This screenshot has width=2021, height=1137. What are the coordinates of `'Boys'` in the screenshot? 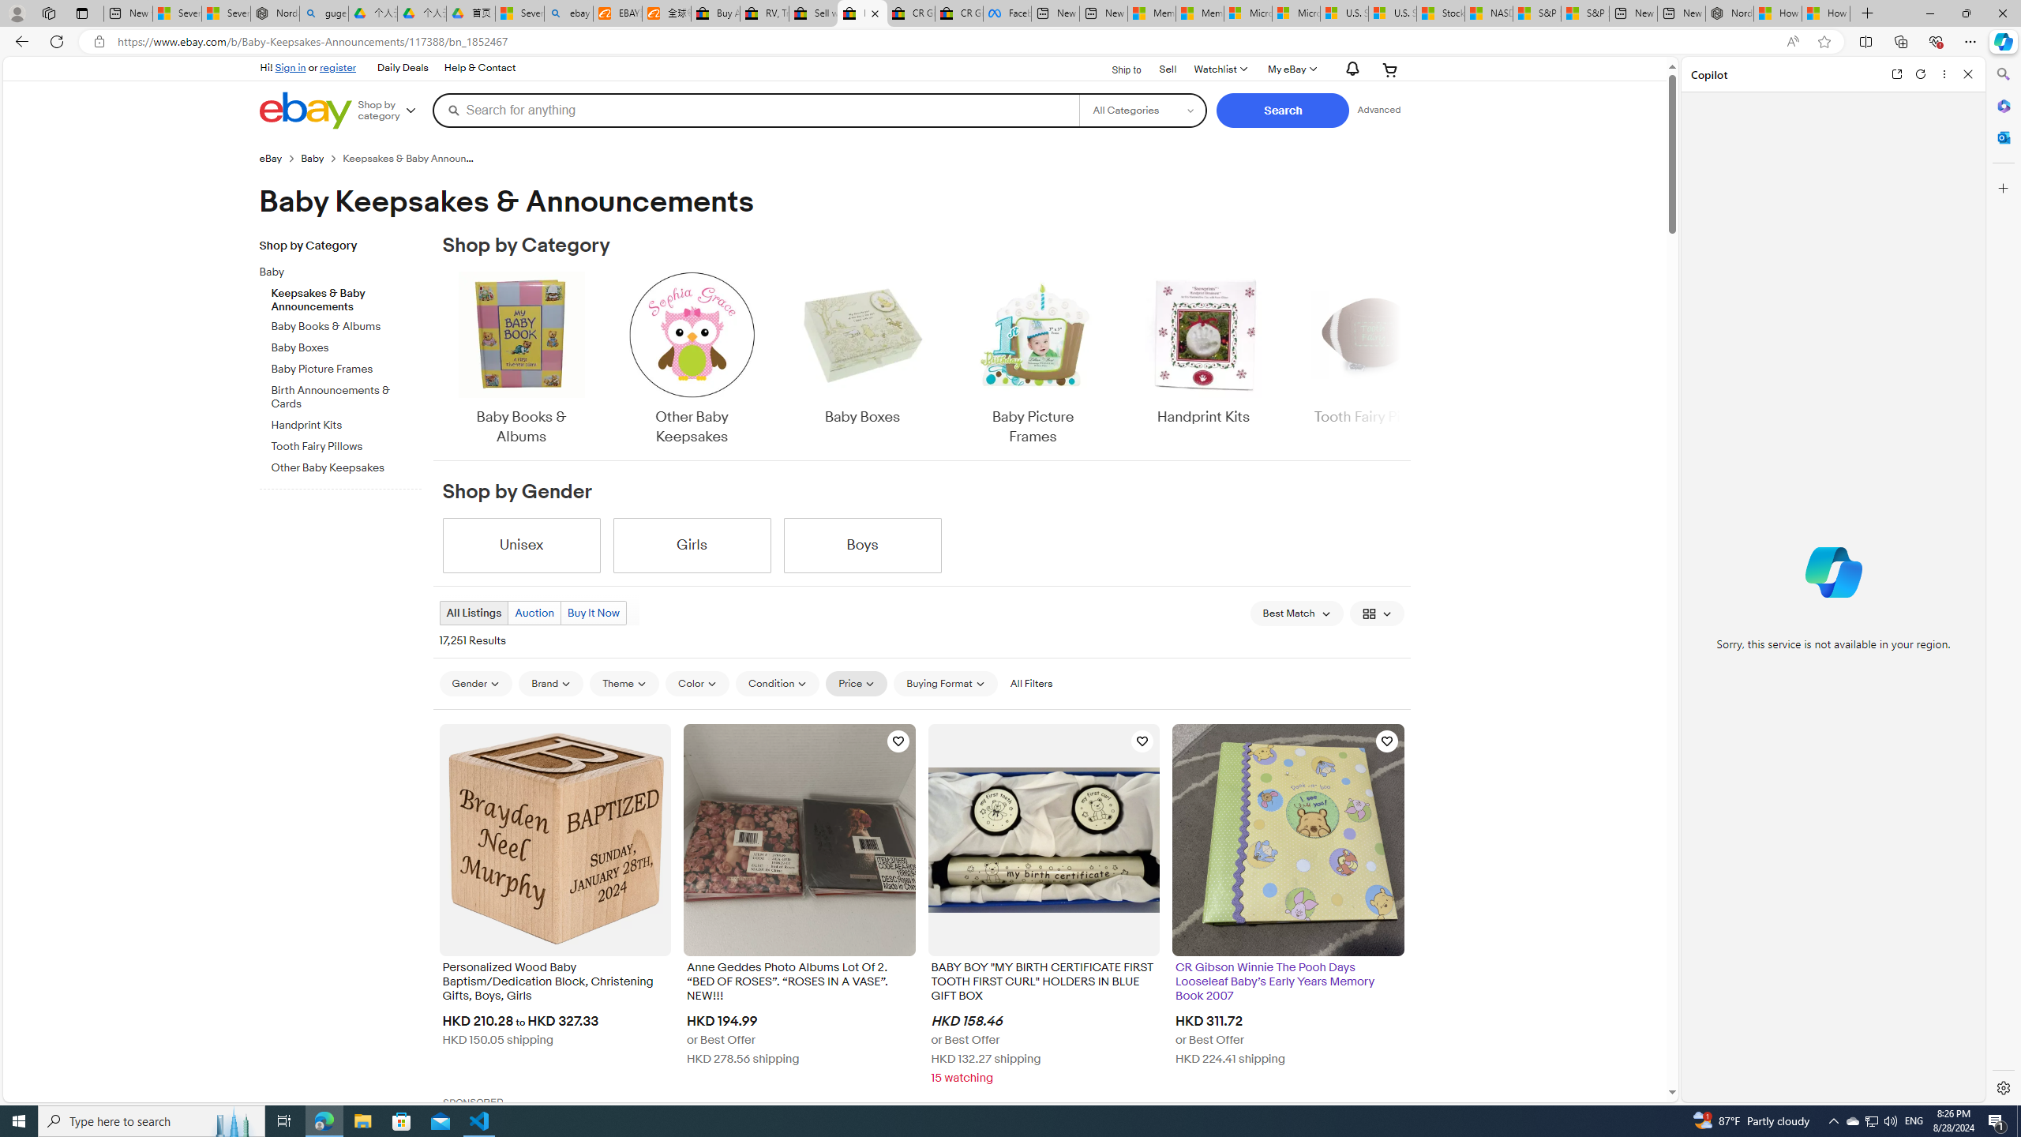 It's located at (862, 545).